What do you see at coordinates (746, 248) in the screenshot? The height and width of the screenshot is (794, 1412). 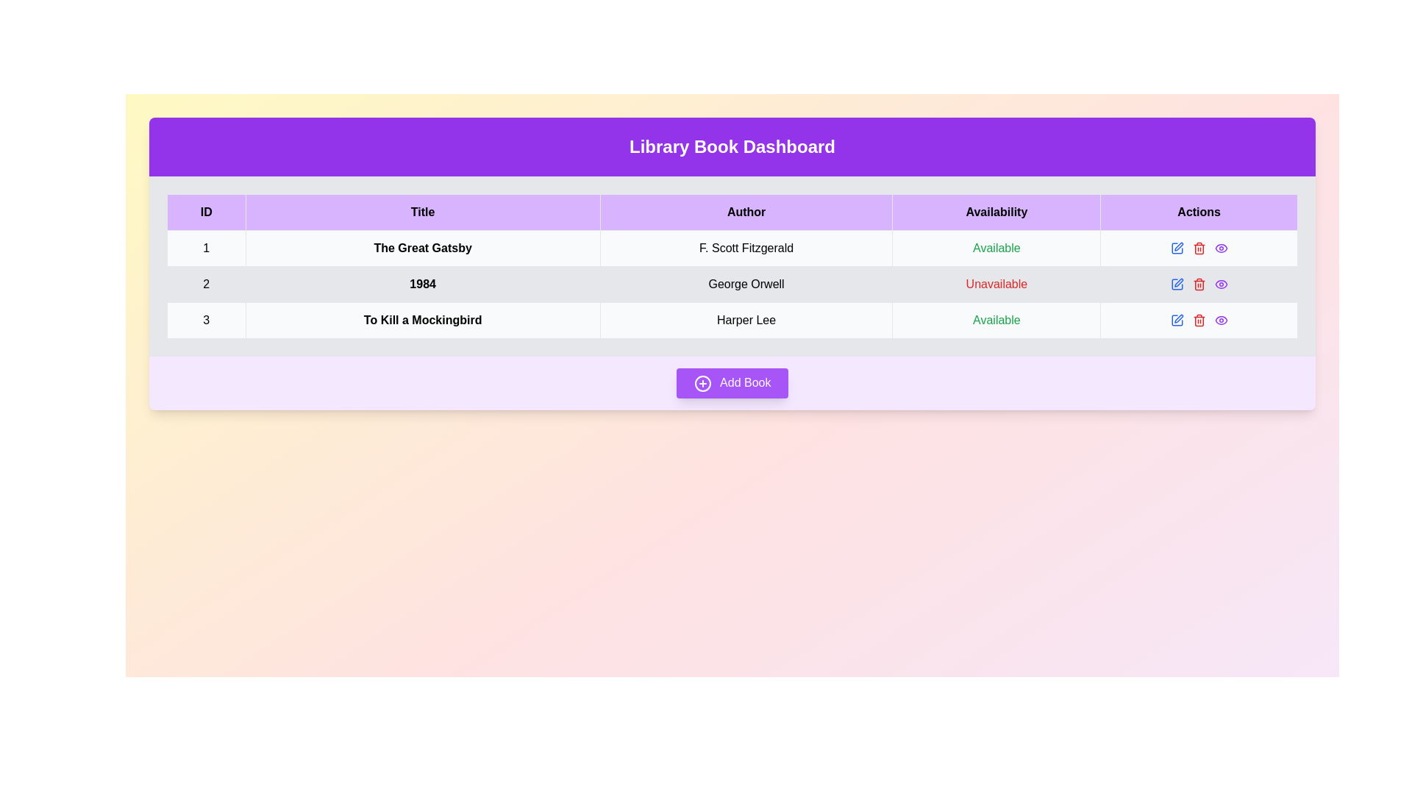 I see `the TextDisplay element representing the author of 'The Great Gatsby' in the data table` at bounding box center [746, 248].